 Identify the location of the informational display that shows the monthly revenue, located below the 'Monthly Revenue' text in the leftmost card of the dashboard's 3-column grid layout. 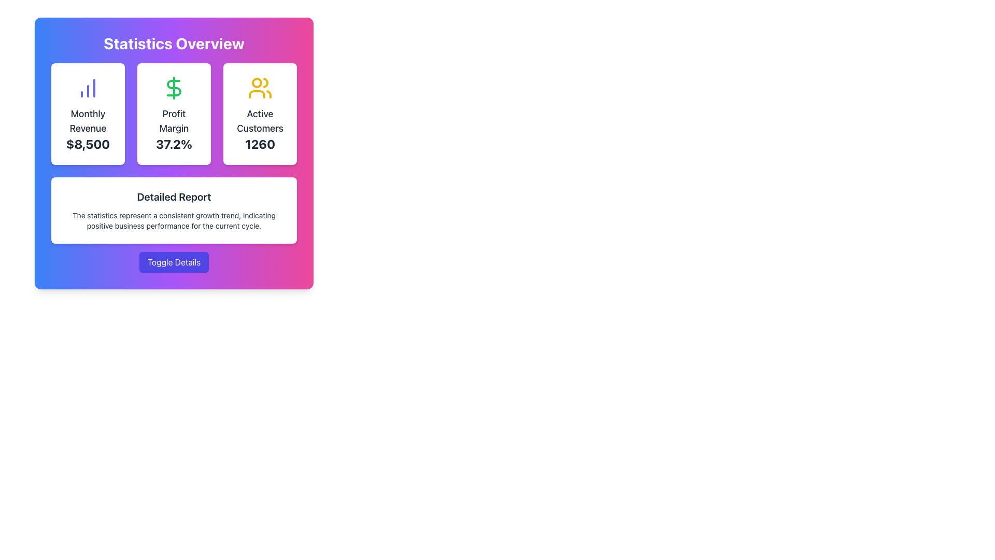
(88, 144).